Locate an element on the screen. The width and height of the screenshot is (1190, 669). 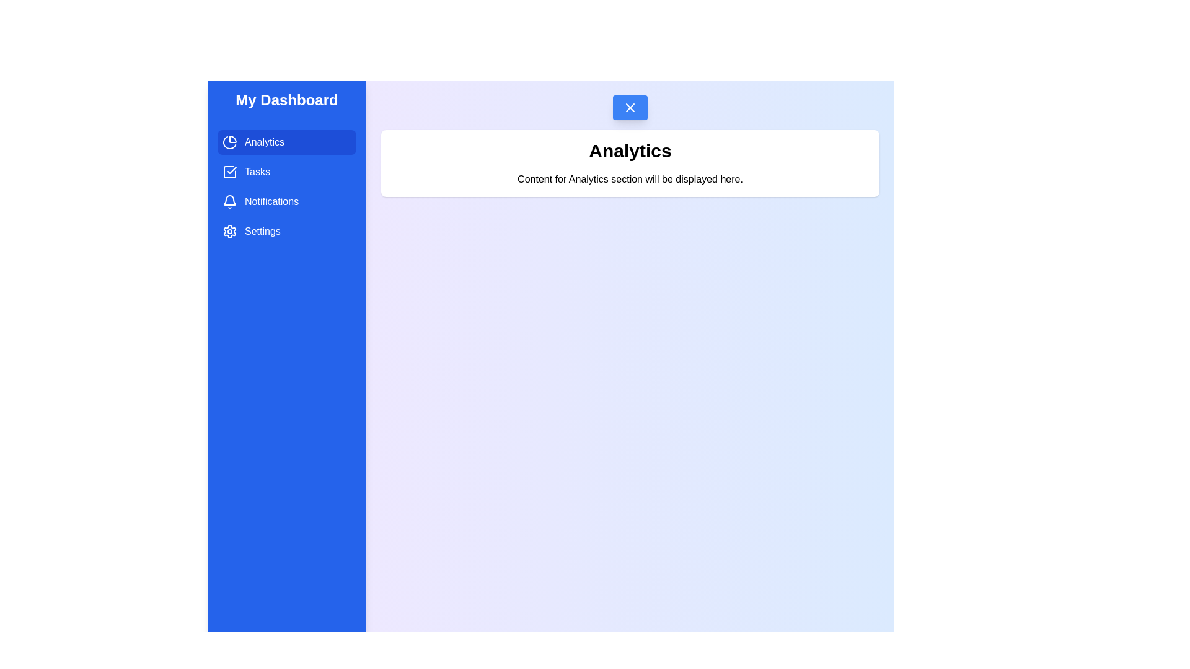
the Tasks tab from the drawer menu is located at coordinates (286, 172).